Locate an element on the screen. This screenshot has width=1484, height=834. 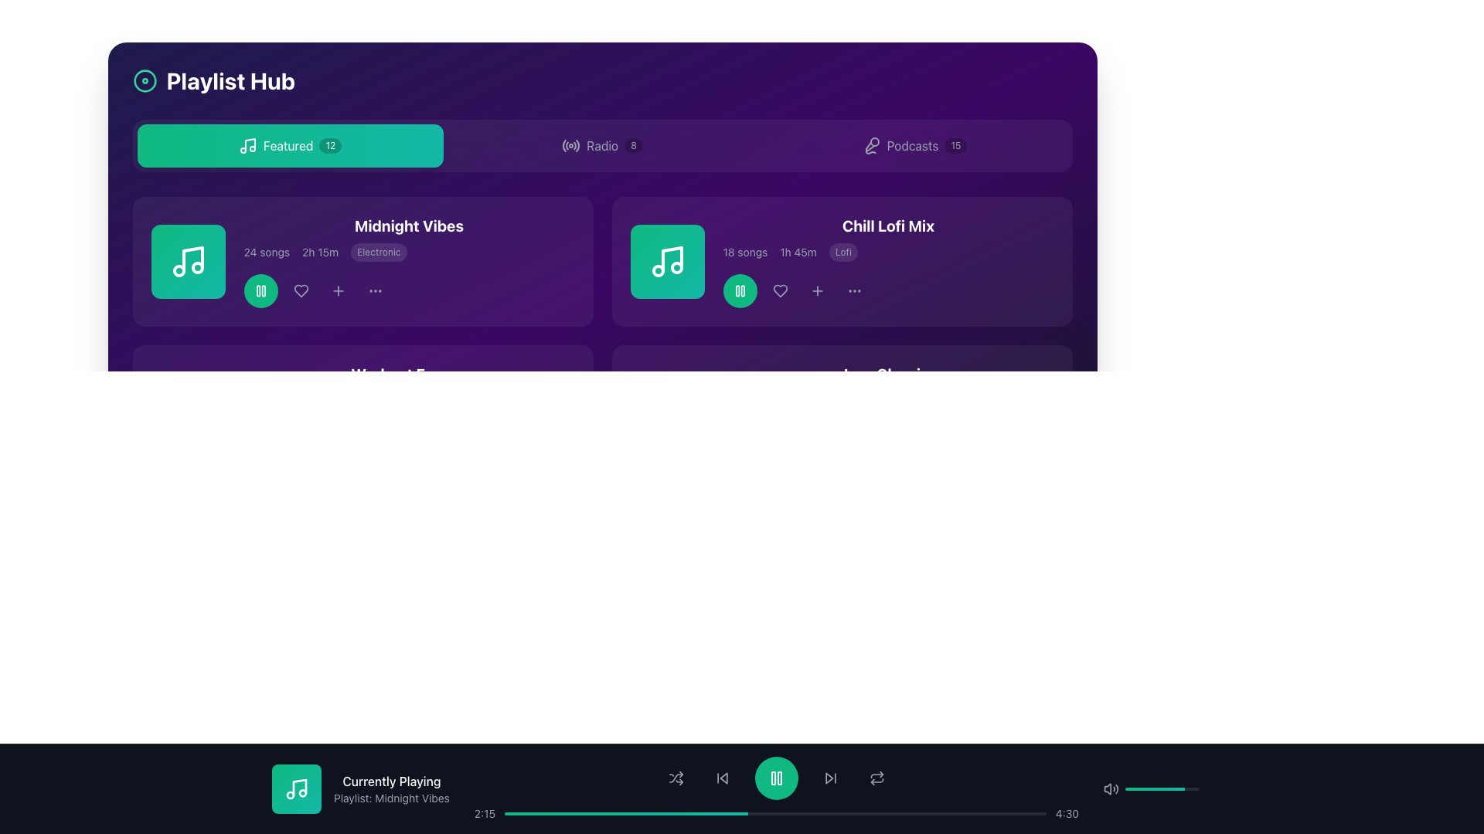
the teal and emerald gradient rounded square icon containing a white music note, which is located to the left of the 'Chill Lofi Mix' text is located at coordinates (667, 261).